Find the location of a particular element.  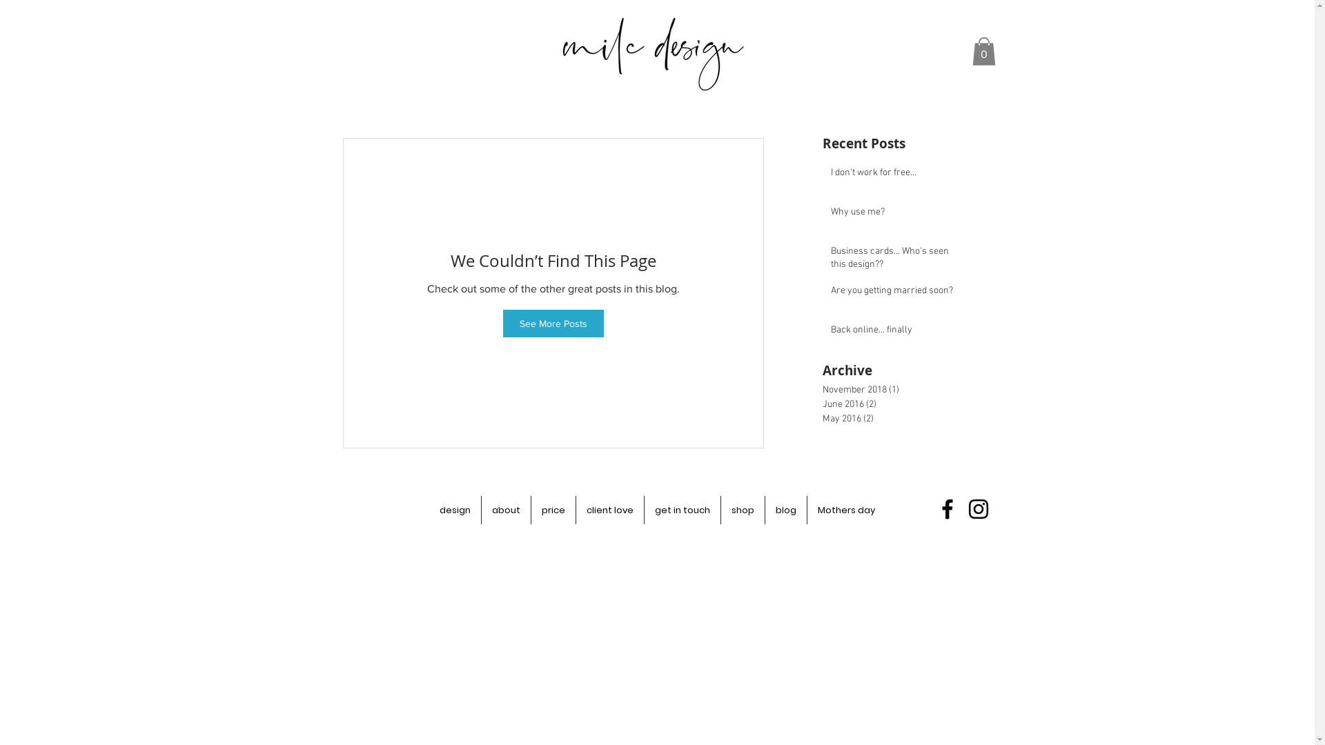

'get in touch' is located at coordinates (644, 510).